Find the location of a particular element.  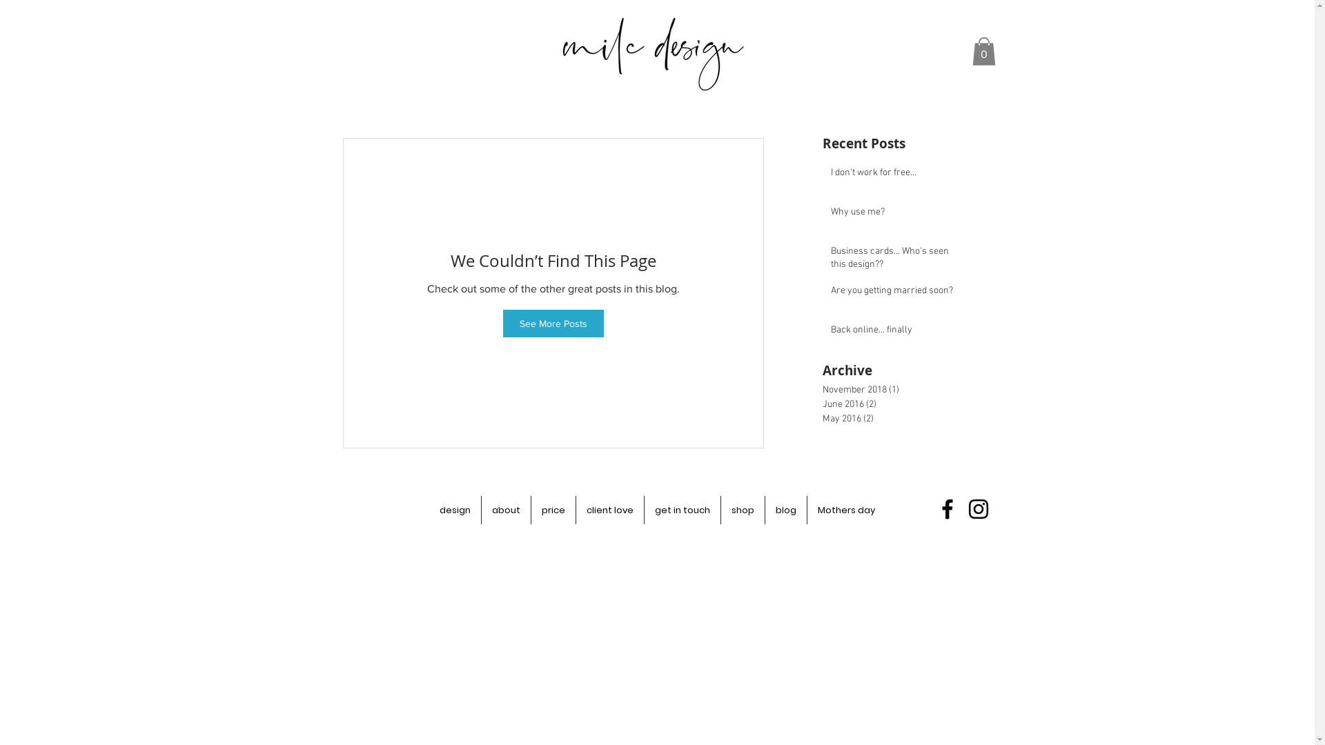

'get in touch' is located at coordinates (644, 510).